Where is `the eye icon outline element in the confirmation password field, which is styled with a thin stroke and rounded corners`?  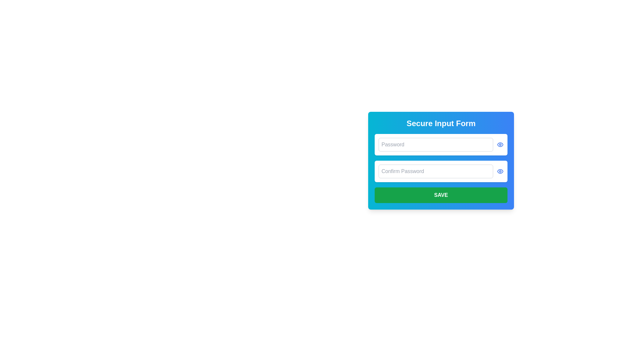 the eye icon outline element in the confirmation password field, which is styled with a thin stroke and rounded corners is located at coordinates (500, 144).